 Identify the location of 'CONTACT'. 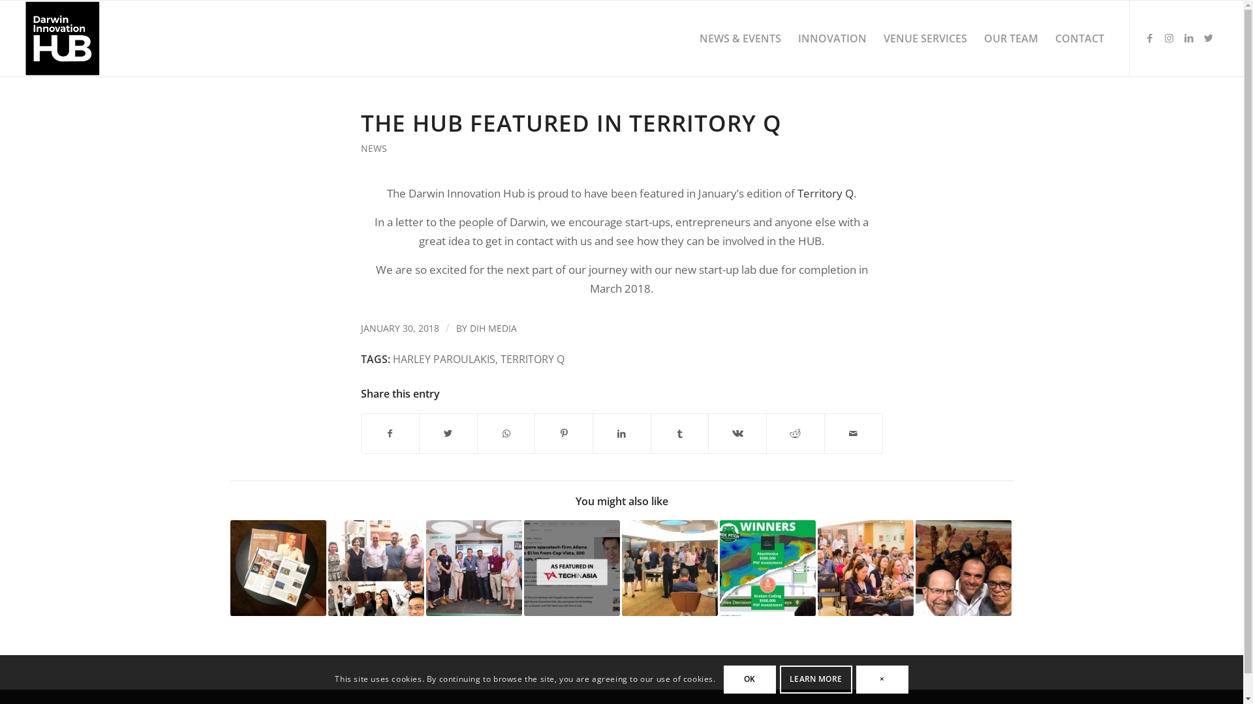
(1079, 37).